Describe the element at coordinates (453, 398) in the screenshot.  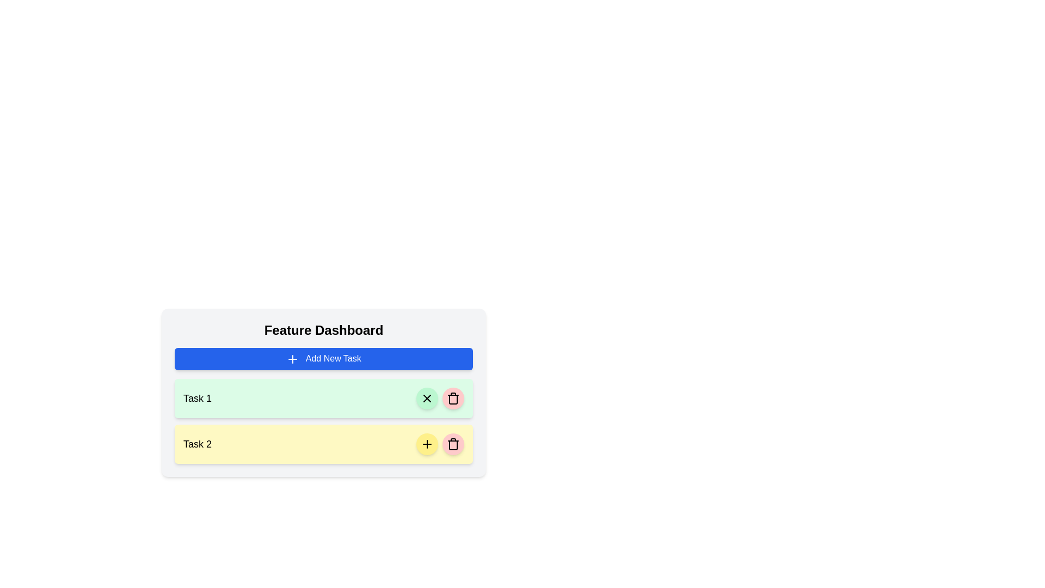
I see `the trash can icon button located to the right of the second task entry` at that location.